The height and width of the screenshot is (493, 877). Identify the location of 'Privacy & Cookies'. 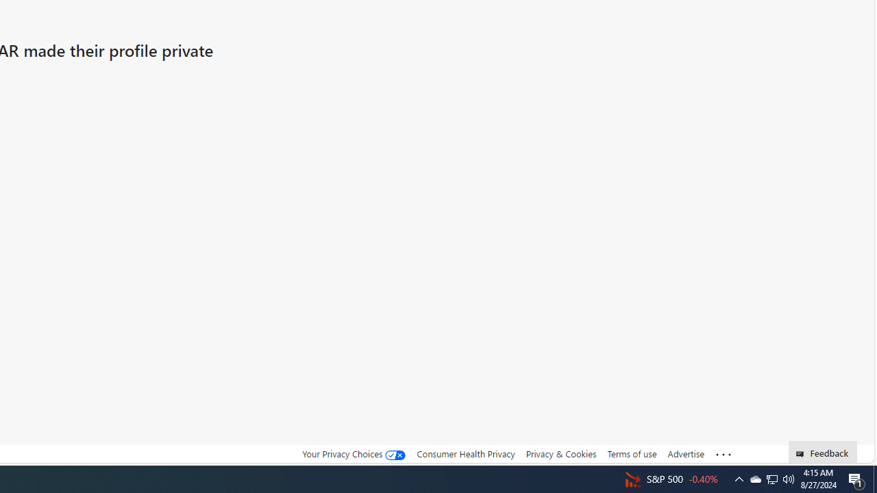
(560, 453).